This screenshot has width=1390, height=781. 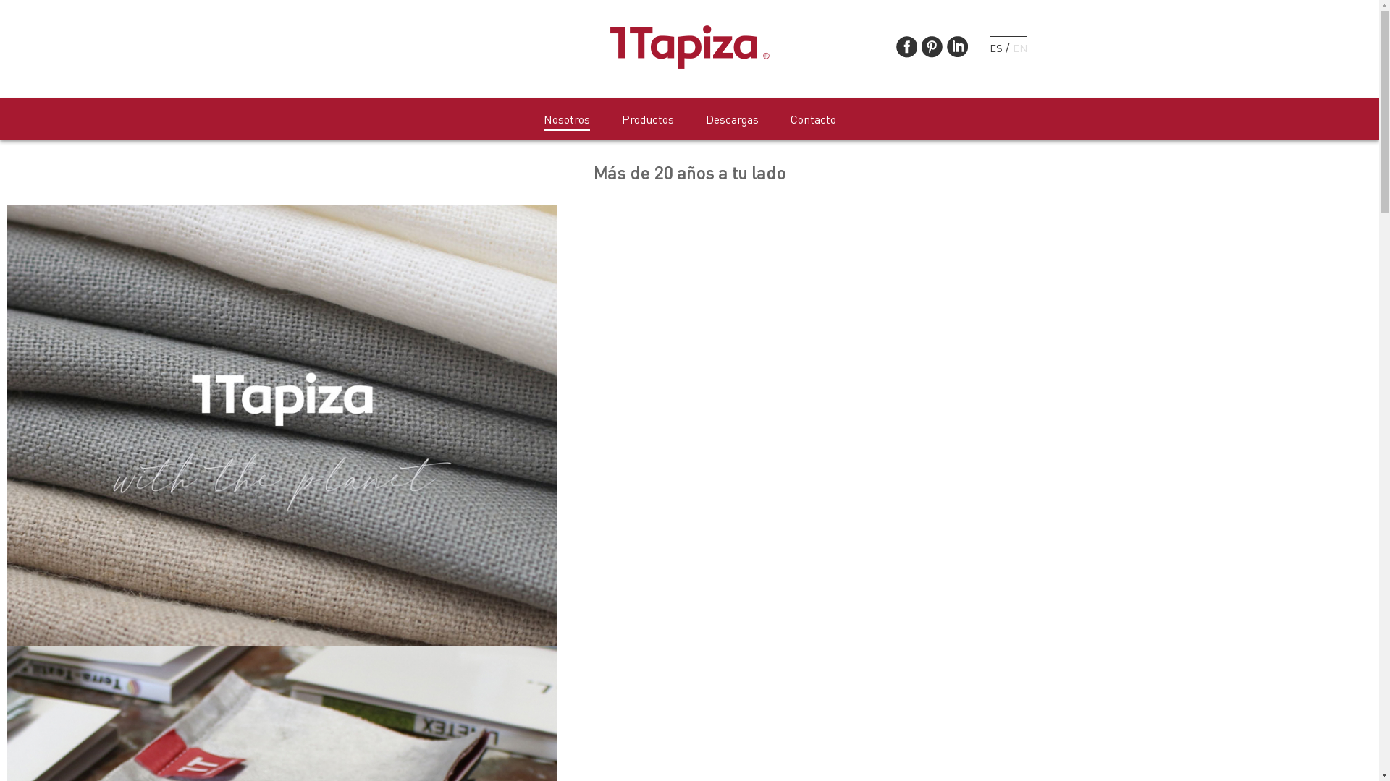 I want to click on 'Contacto', so click(x=813, y=119).